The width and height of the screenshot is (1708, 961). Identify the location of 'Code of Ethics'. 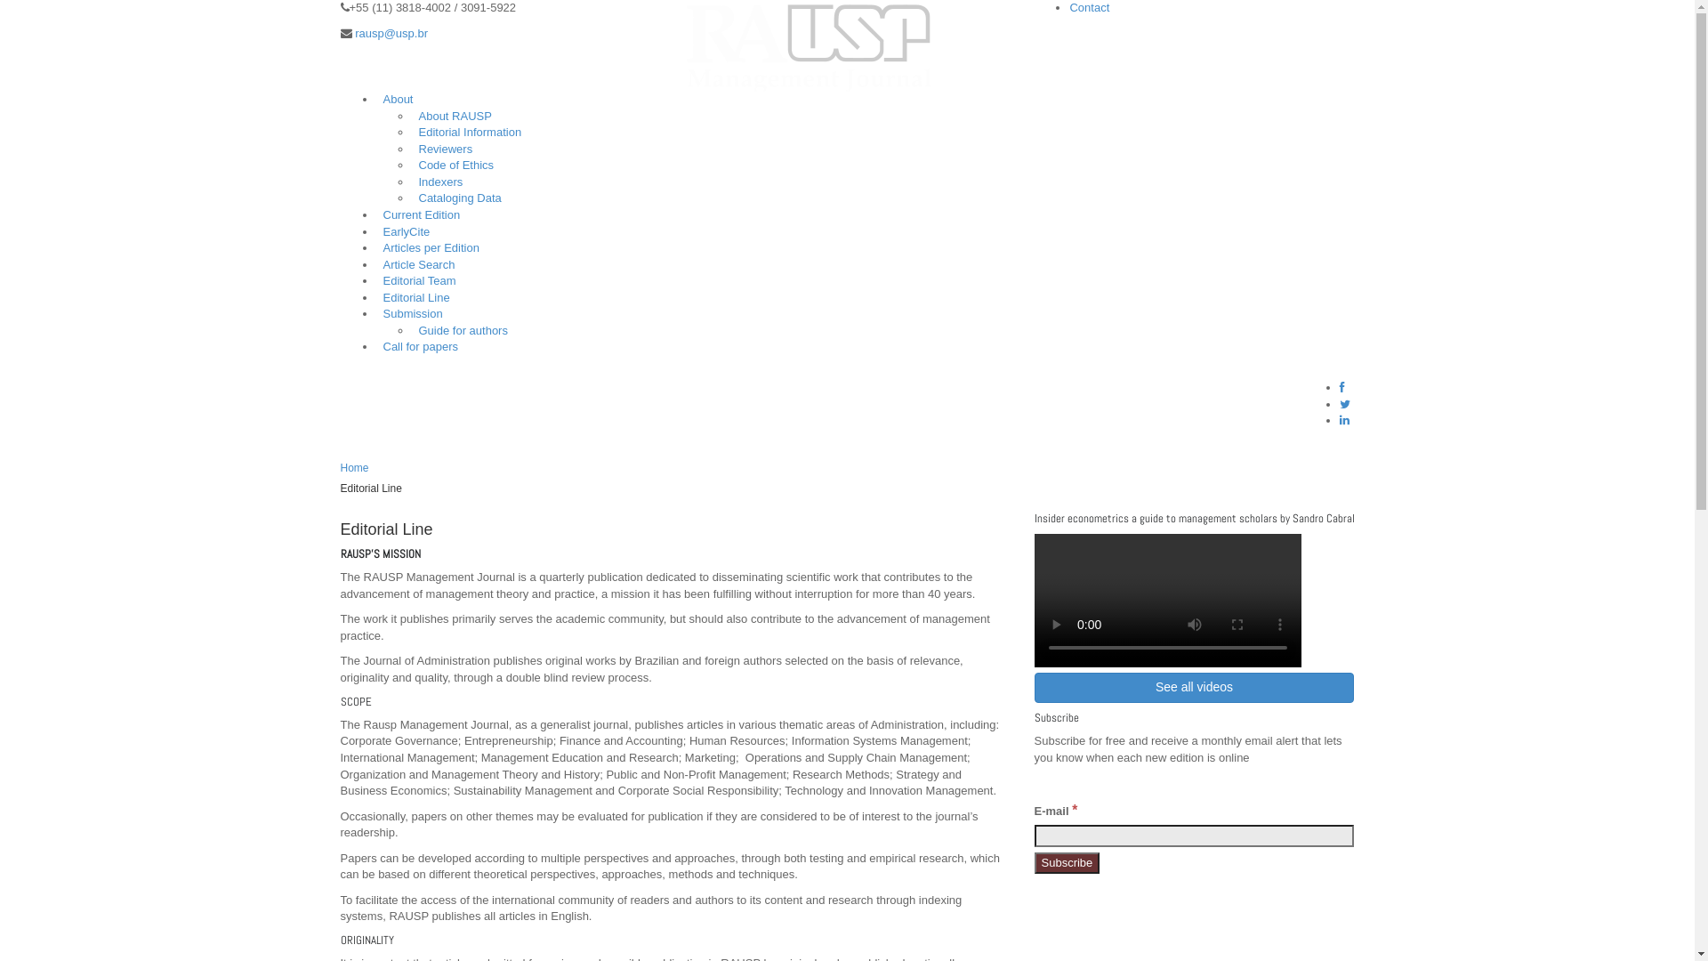
(409, 165).